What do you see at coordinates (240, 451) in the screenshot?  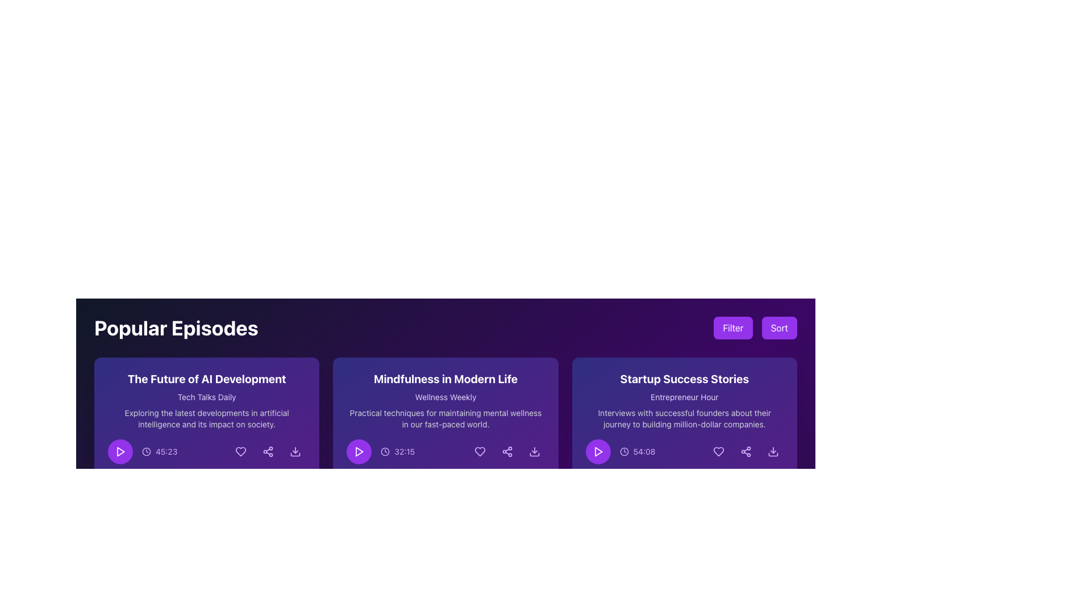 I see `the heart-shaped icon with a purple outline located in the 'Popular Episodes' section beneath the card titled 'The Future of AI Development' to potentially display a tooltip` at bounding box center [240, 451].